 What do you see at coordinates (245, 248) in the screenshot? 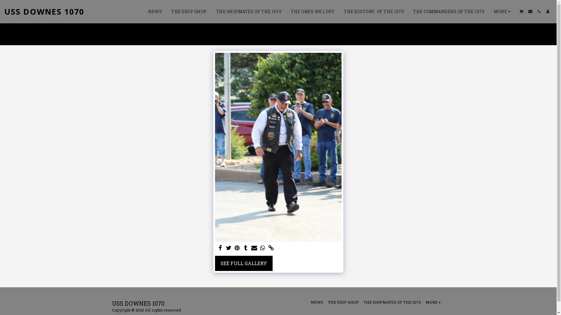
I see `'tumblr'` at bounding box center [245, 248].